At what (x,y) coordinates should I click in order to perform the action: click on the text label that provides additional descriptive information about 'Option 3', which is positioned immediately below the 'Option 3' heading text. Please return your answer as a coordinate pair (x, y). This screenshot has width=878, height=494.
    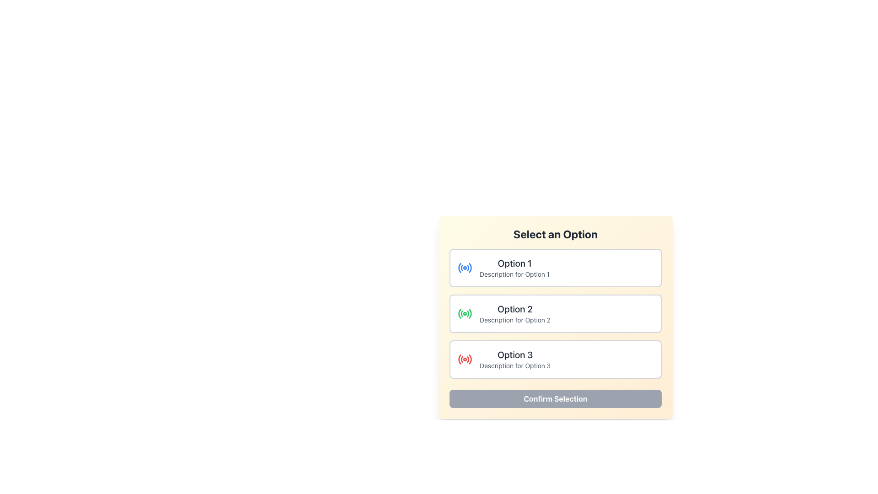
    Looking at the image, I should click on (515, 365).